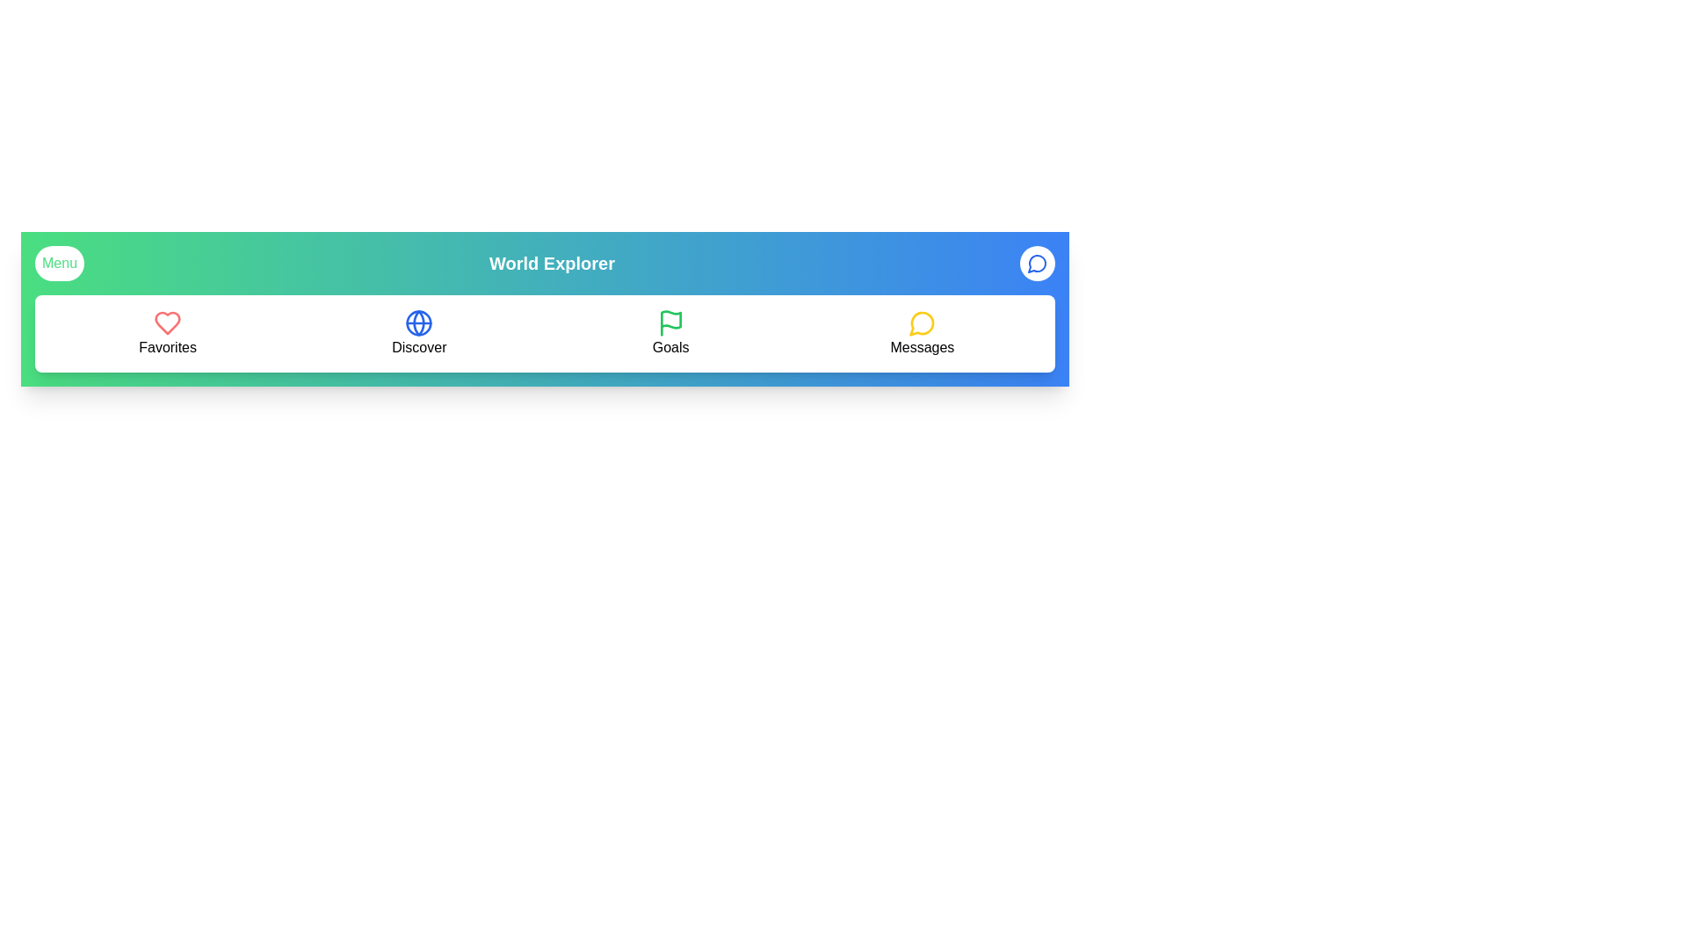 Image resolution: width=1687 pixels, height=949 pixels. What do you see at coordinates (59, 264) in the screenshot?
I see `the 'Menu' button to toggle the menu visibility` at bounding box center [59, 264].